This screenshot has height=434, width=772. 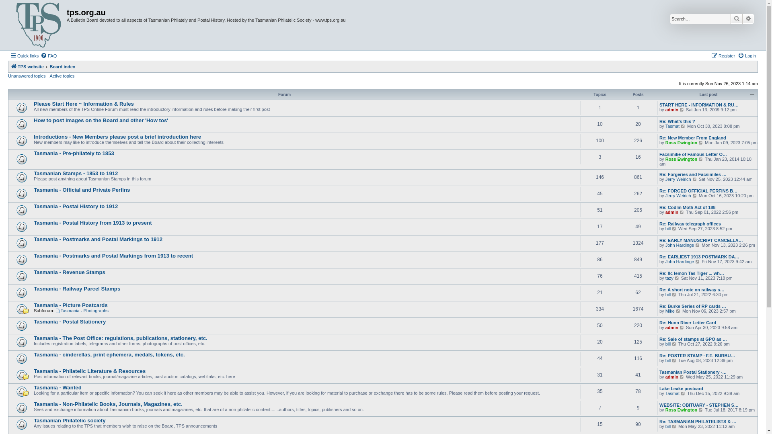 I want to click on 'Search', so click(x=737, y=18).